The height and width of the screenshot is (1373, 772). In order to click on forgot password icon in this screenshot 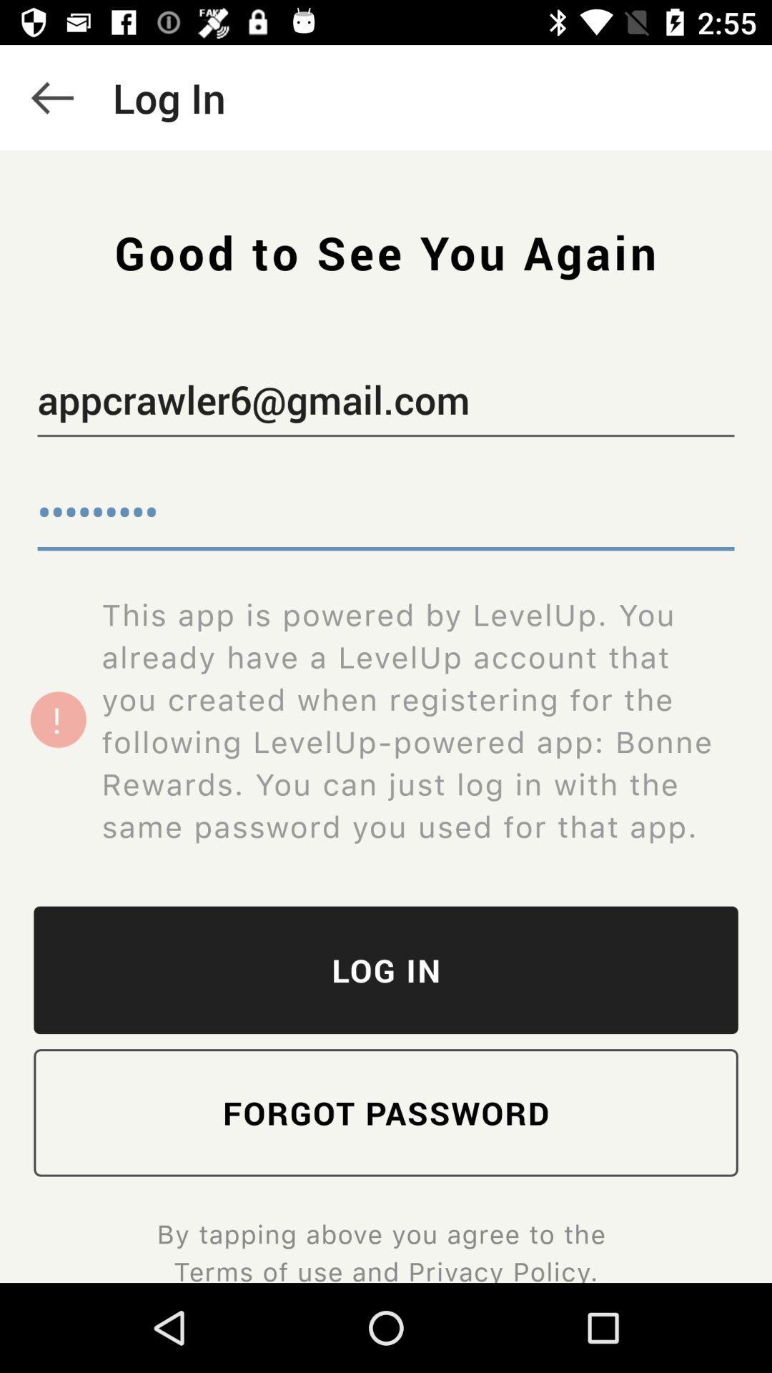, I will do `click(386, 1112)`.